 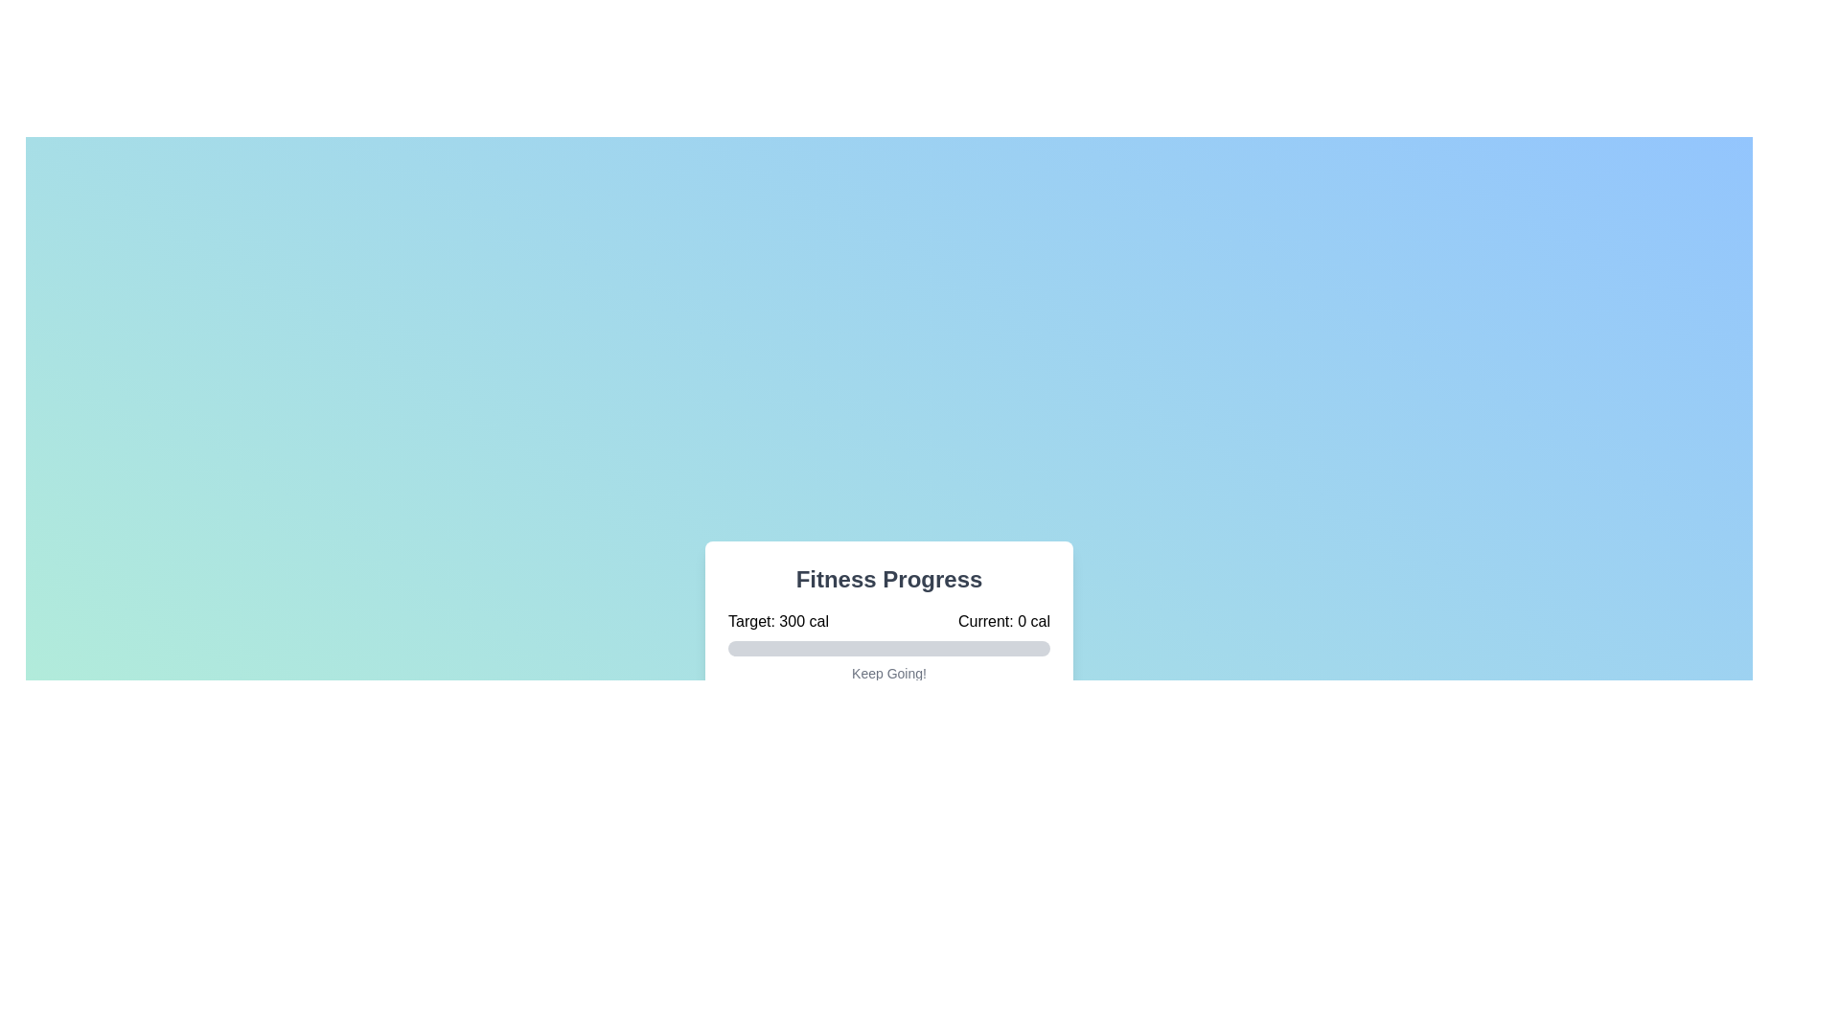 What do you see at coordinates (1002, 621) in the screenshot?
I see `the 'Current' calorie count text label in the 'Fitness Progress' card, which displays the user's current calorie count` at bounding box center [1002, 621].